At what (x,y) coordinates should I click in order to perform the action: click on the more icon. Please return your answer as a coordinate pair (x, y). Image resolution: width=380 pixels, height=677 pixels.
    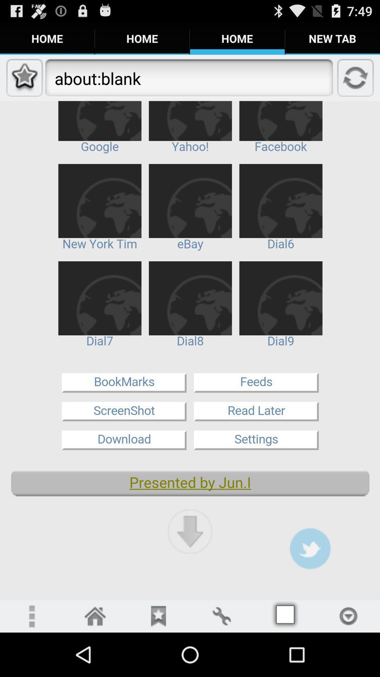
    Looking at the image, I should click on (31, 659).